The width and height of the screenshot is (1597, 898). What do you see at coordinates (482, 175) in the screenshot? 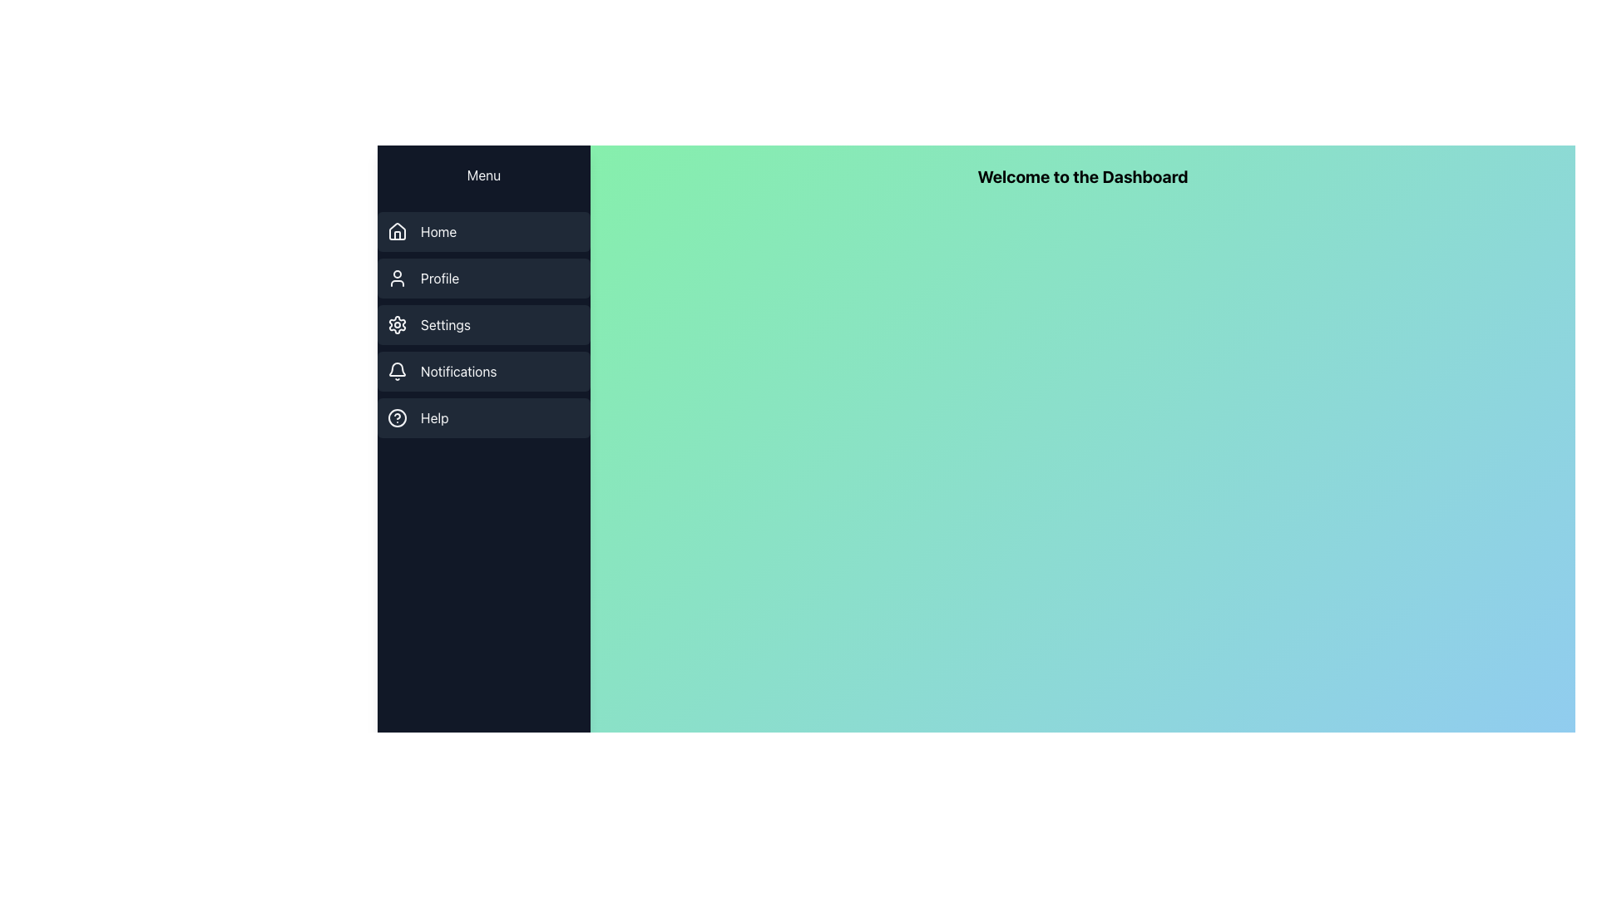
I see `the 'Menu' button, which is a text label with white font color on a dark background, positioned at the top of the vertical navigation bar` at bounding box center [482, 175].